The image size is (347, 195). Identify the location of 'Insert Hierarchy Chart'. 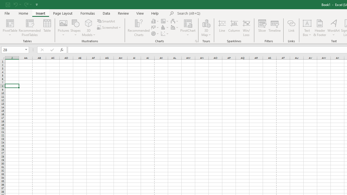
(165, 21).